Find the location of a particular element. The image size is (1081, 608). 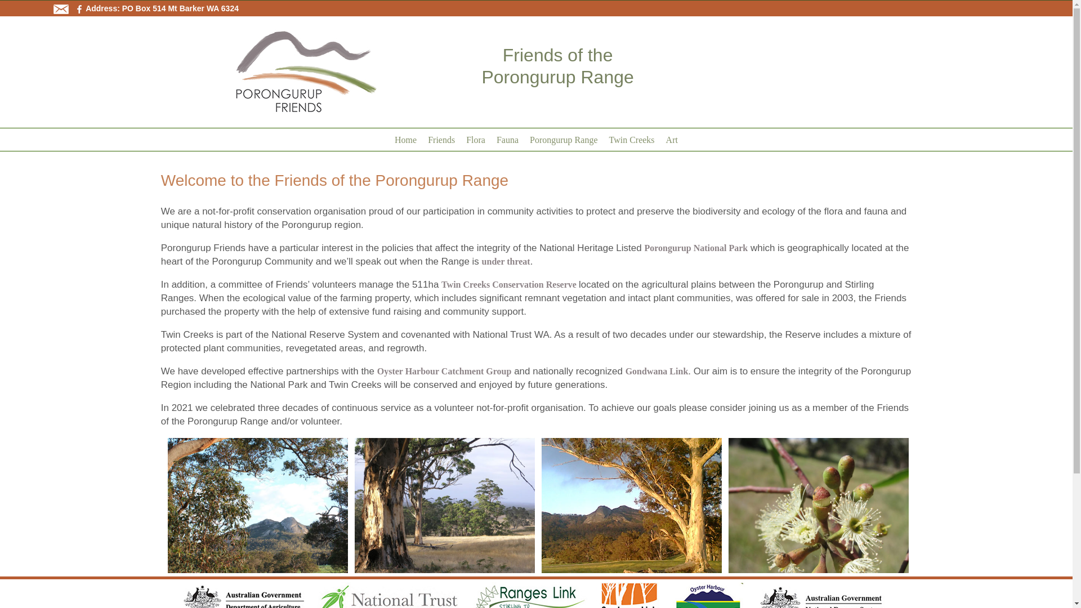

'Oyster Harbour Catchment Group' is located at coordinates (444, 371).